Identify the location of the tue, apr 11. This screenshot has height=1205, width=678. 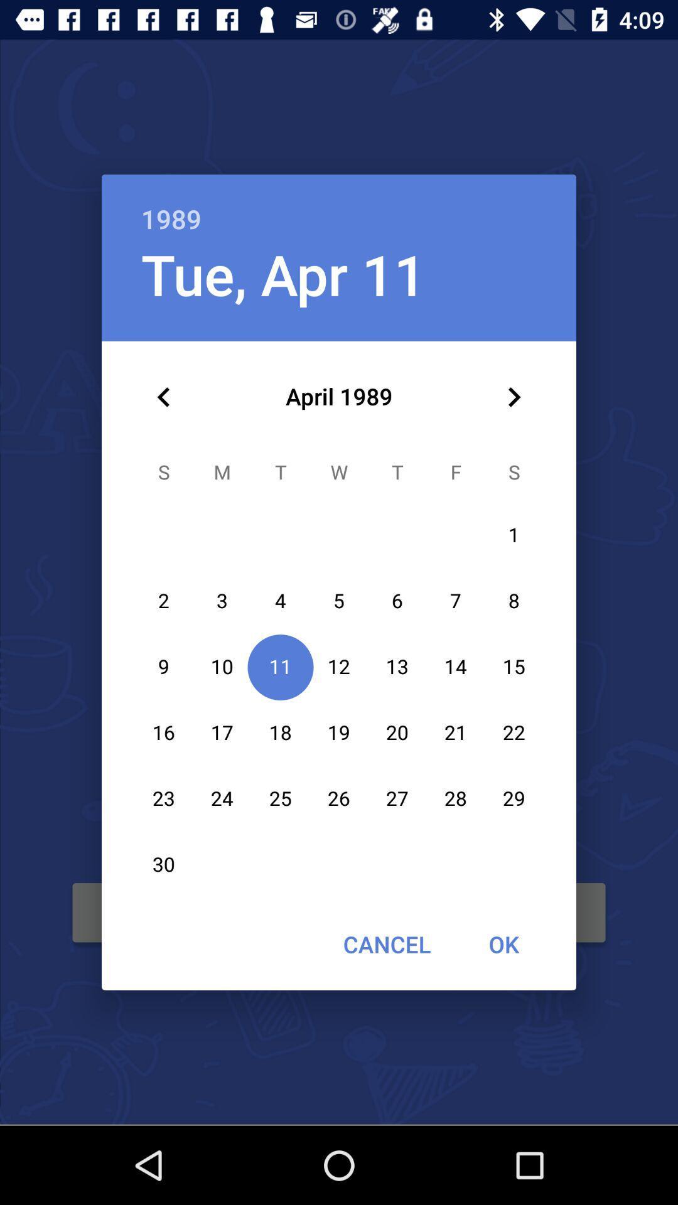
(283, 273).